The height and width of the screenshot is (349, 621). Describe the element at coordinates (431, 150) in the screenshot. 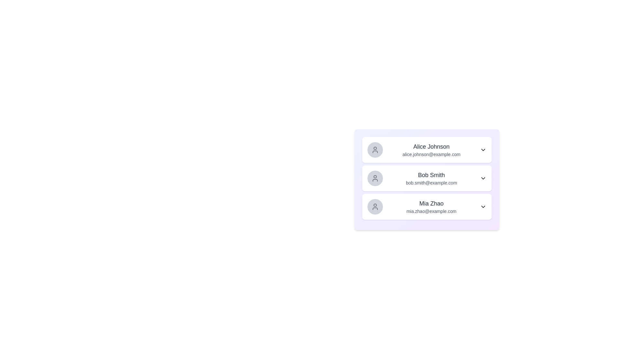

I see `the text in the Text Display Block that shows the user's name and email address to copy it` at that location.